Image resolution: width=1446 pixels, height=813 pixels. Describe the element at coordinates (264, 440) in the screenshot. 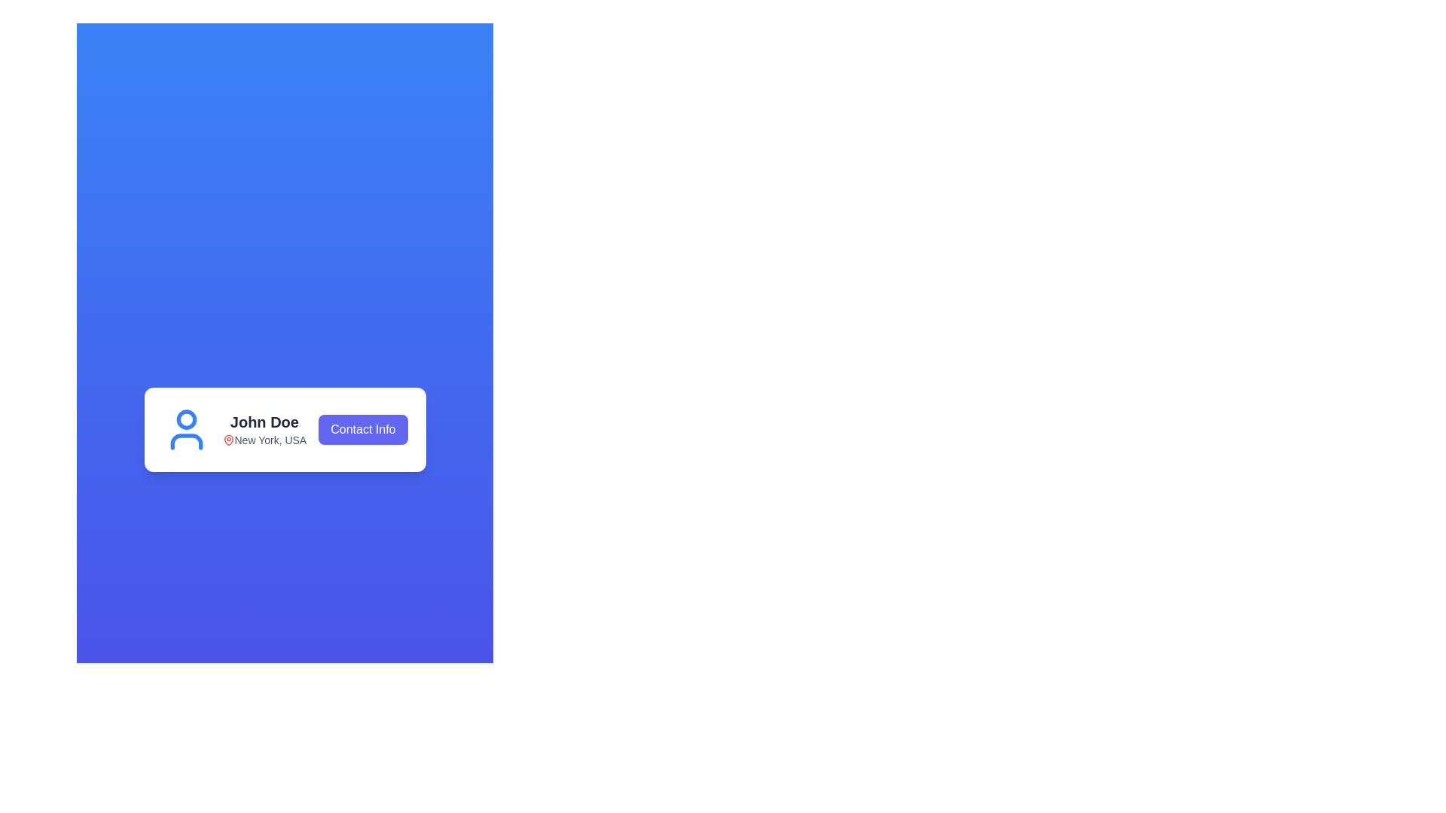

I see `the text 'New York, USA' with the accompanying red location pin icon, which is located below the title 'John Doe' in the user information card layout` at that location.